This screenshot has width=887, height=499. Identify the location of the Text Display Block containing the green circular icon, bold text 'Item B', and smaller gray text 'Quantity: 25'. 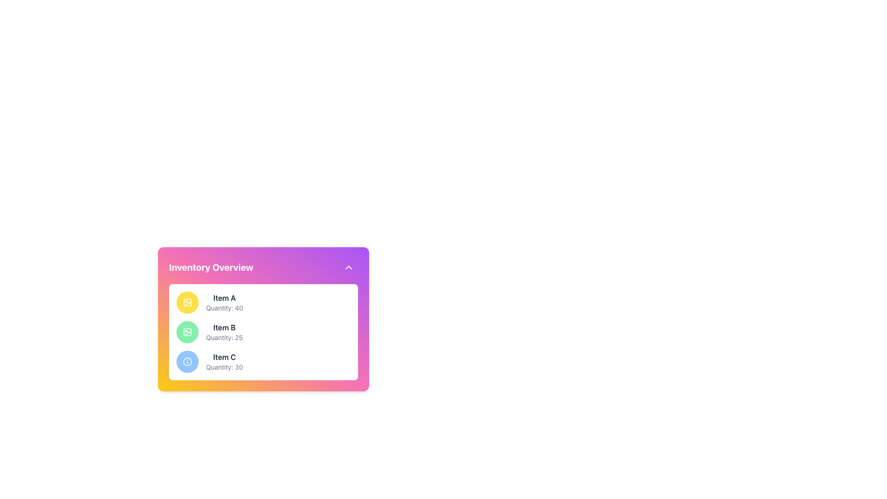
(263, 331).